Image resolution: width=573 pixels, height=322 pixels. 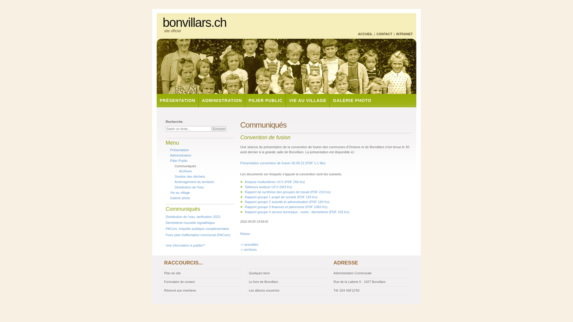 I want to click on 'PILIER PUBLIC', so click(x=265, y=100).